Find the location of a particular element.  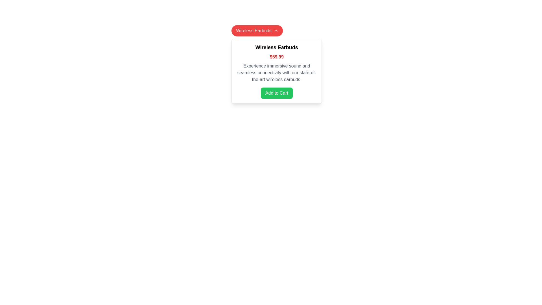

the Text Label displaying the price of the product, located below the title 'Wireless Earbuds' and above the descriptive paragraph is located at coordinates (277, 57).